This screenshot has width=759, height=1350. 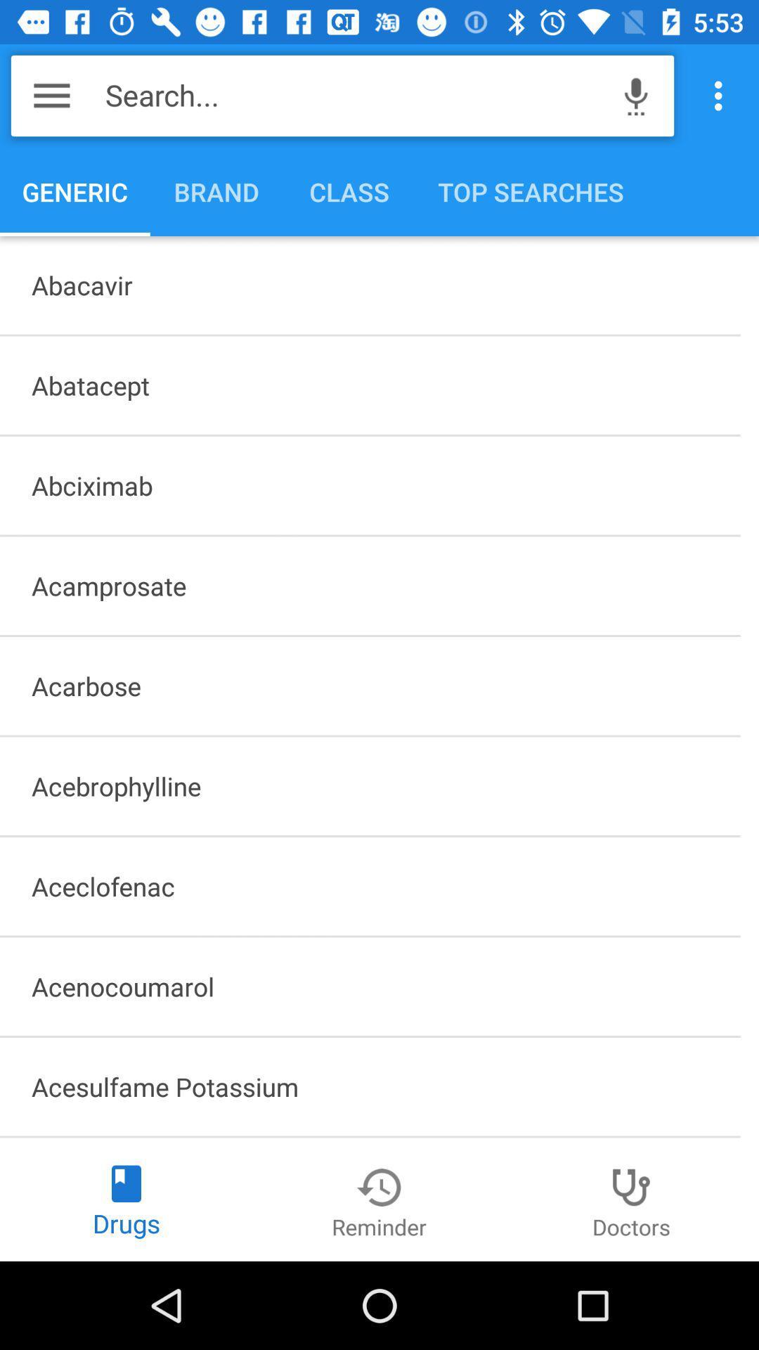 What do you see at coordinates (636, 95) in the screenshot?
I see `the item next to the search... item` at bounding box center [636, 95].